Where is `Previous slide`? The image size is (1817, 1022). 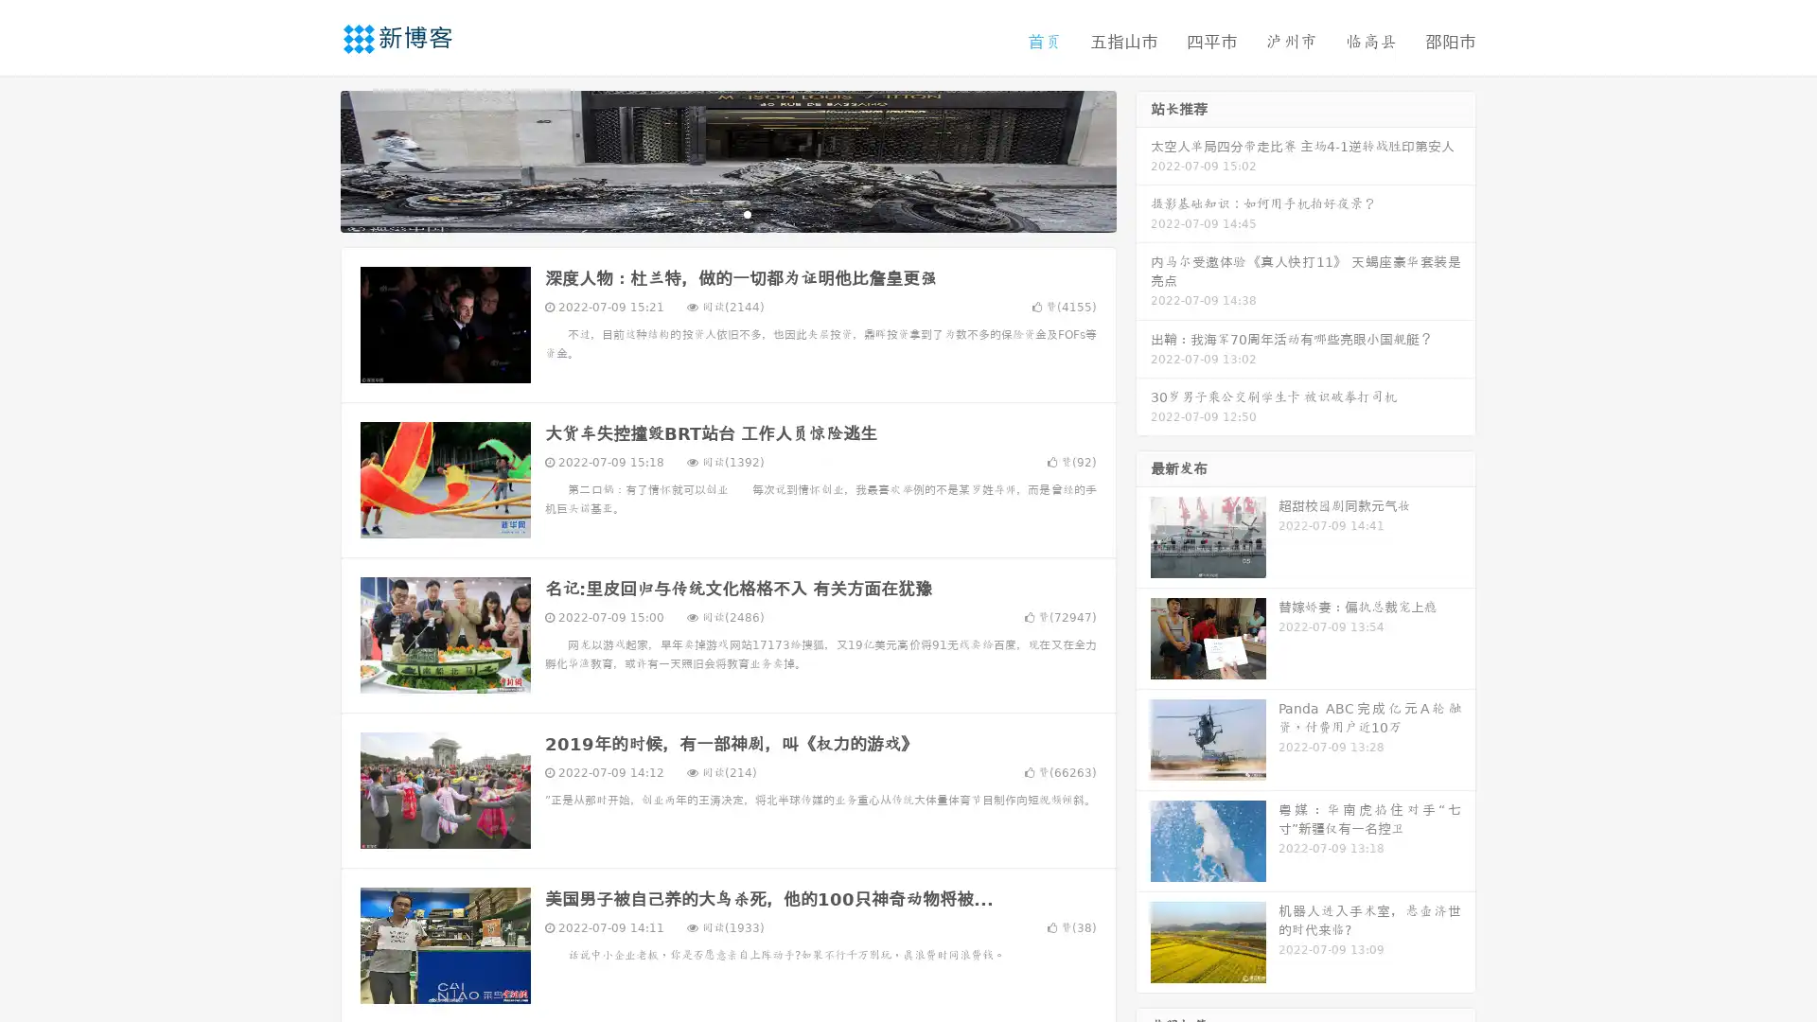 Previous slide is located at coordinates (312, 159).